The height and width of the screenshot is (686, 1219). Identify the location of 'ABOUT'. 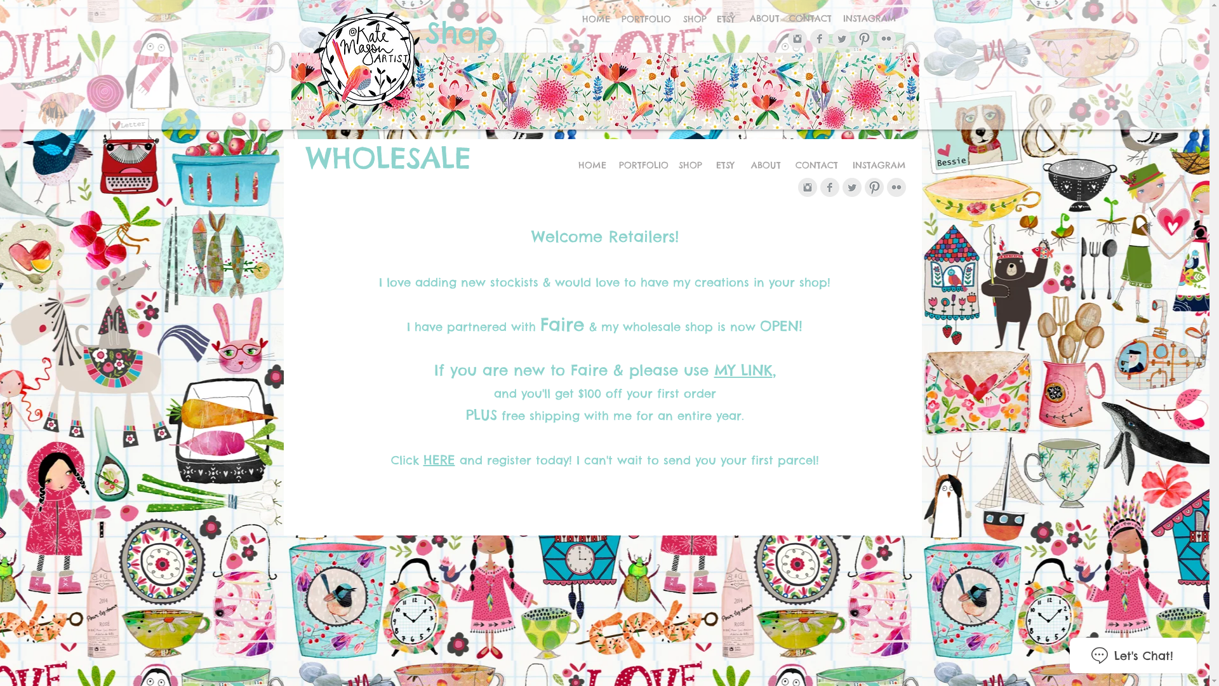
(764, 19).